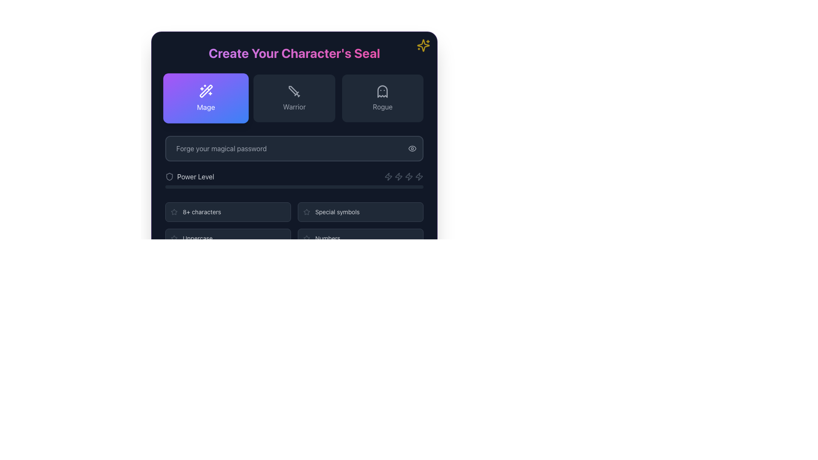 The height and width of the screenshot is (460, 818). I want to click on the eye-shaped button located to the far right inside the password input field labeled 'Forge your magical password' to change its color to purple, so click(412, 148).